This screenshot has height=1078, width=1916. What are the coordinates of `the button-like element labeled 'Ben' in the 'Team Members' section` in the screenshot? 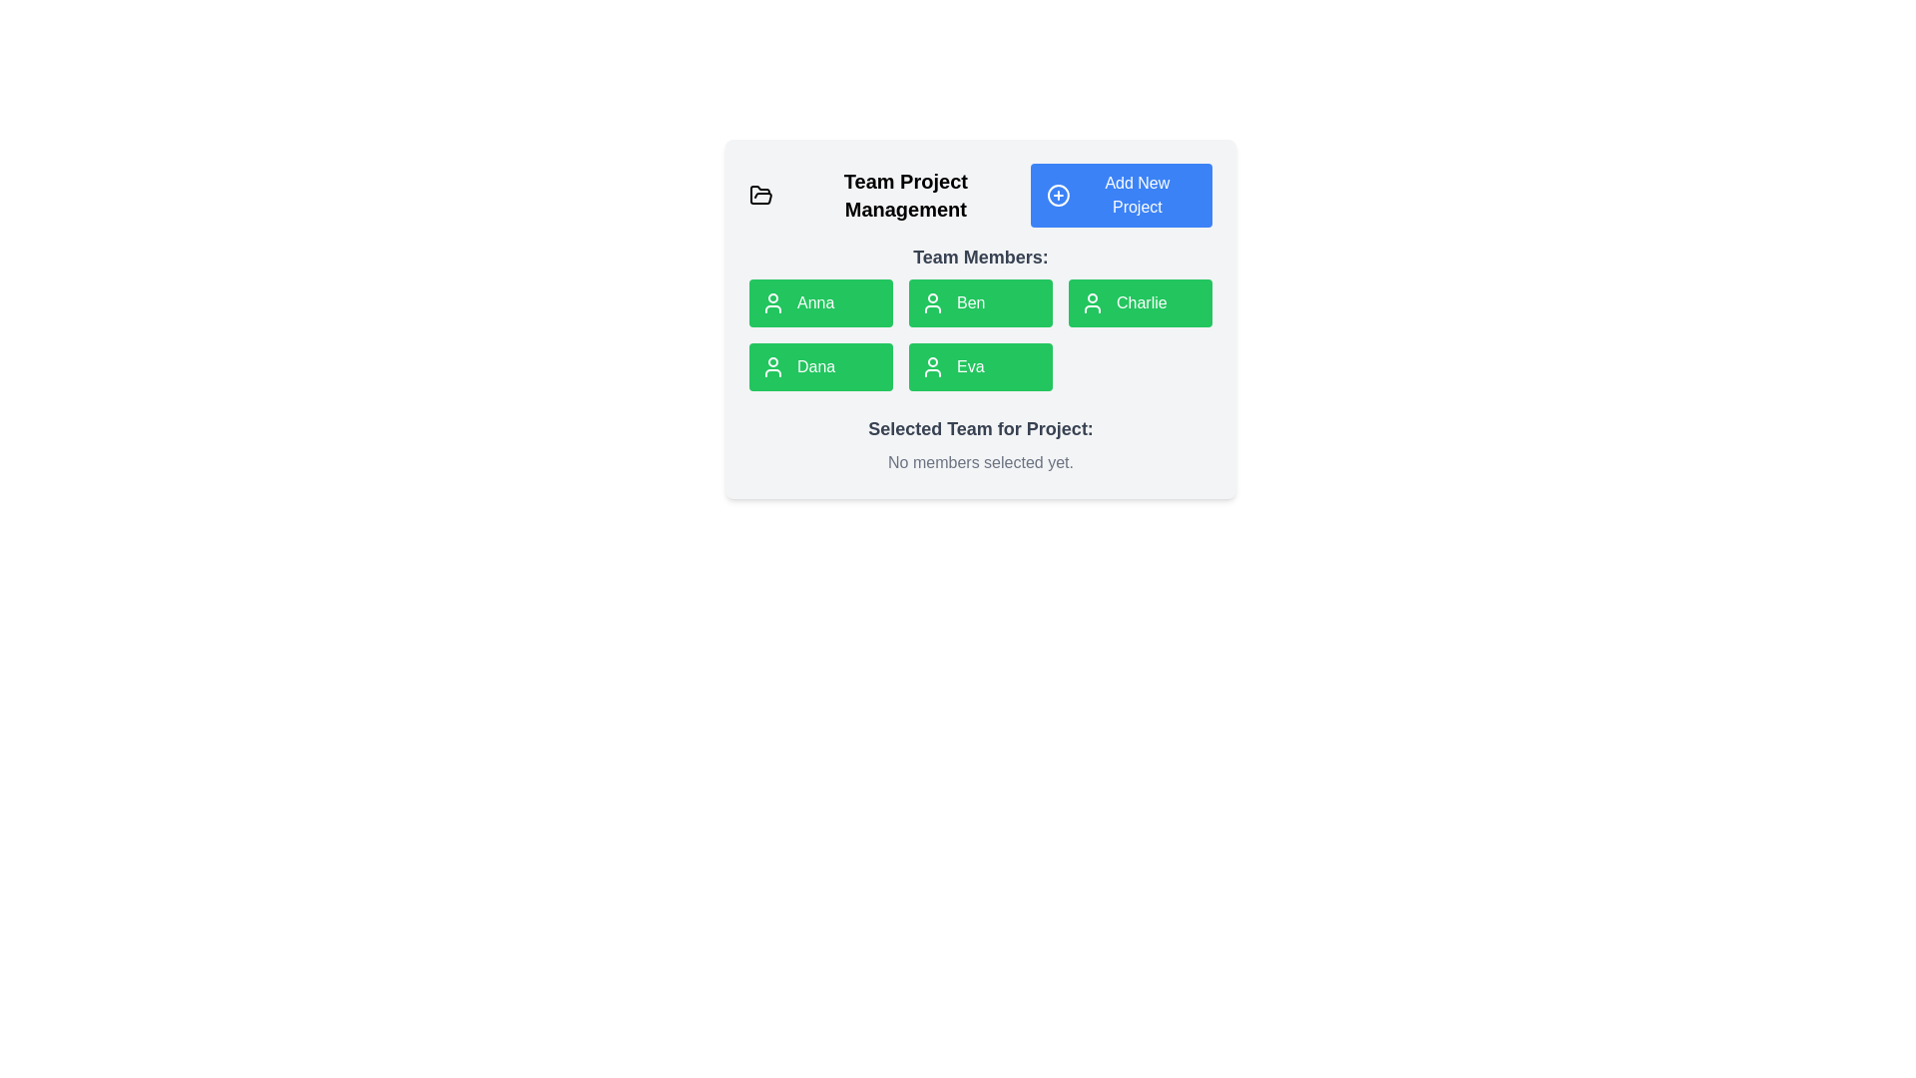 It's located at (981, 318).